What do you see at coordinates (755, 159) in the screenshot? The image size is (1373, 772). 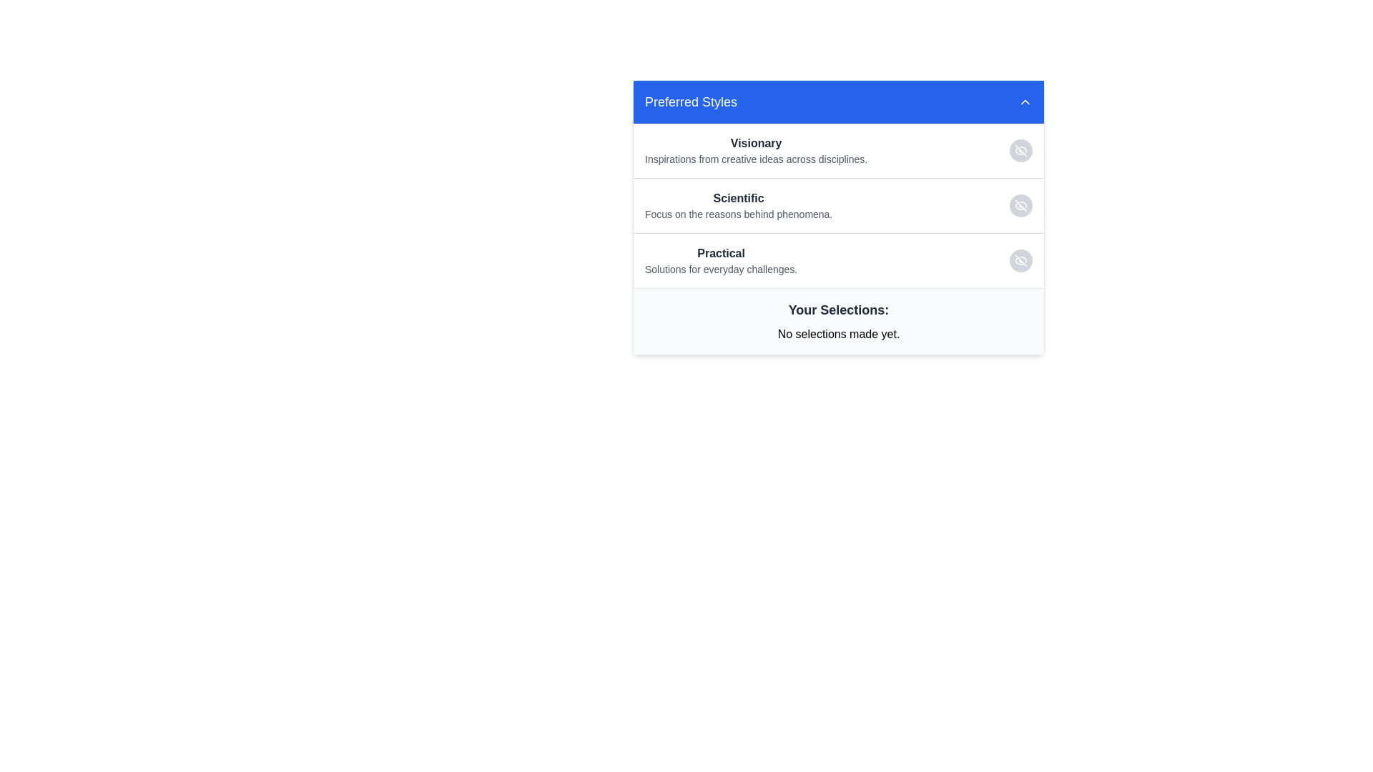 I see `the static text providing supplementary information for the 'Visionary' category, located directly under the header text 'Visionary'` at bounding box center [755, 159].